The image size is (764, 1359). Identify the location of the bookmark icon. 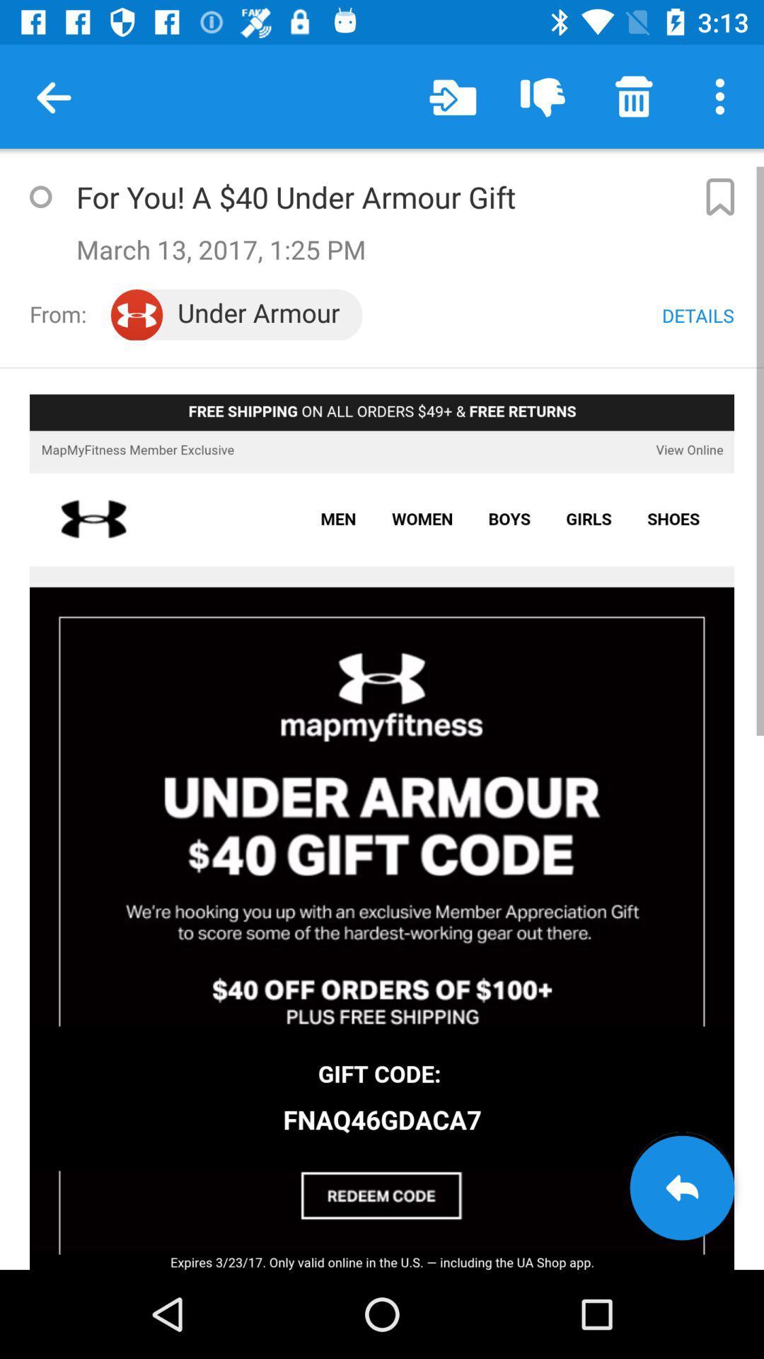
(719, 196).